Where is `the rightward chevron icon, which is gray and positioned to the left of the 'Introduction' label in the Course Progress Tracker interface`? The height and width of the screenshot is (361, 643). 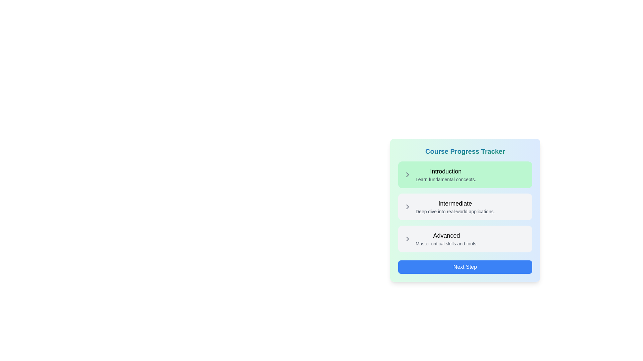 the rightward chevron icon, which is gray and positioned to the left of the 'Introduction' label in the Course Progress Tracker interface is located at coordinates (407, 174).